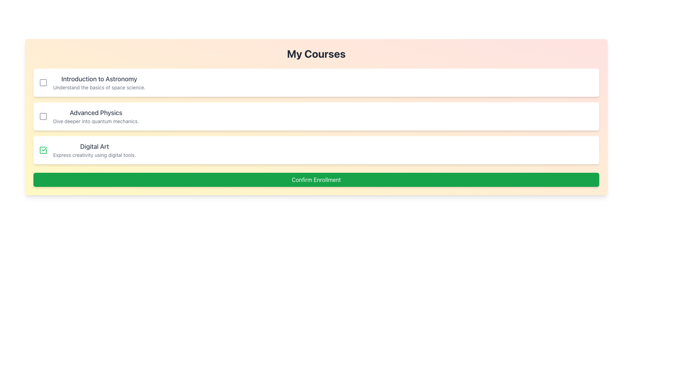  I want to click on the 'Introduction to Astronomy' descriptive text block, which contains a heading in a larger, bold, gray font and a subtitle in a smaller, lighter gray font, if it is linked, so click(99, 82).